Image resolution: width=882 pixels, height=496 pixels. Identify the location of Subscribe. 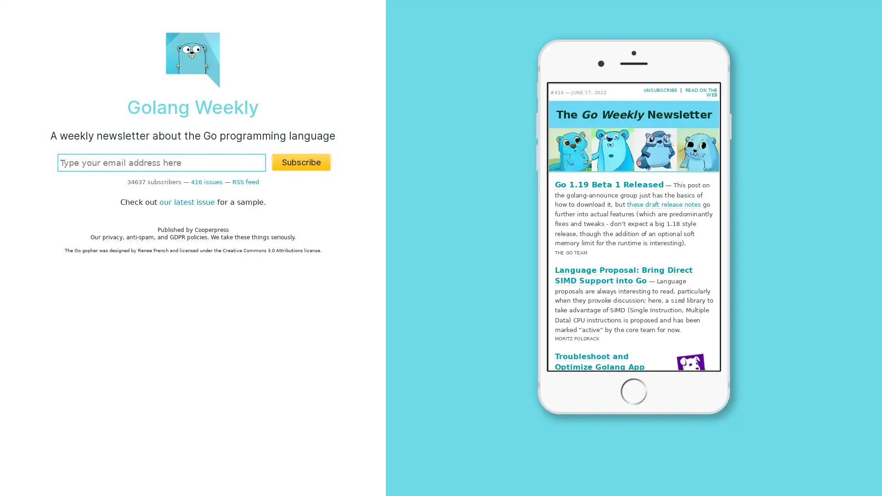
(301, 161).